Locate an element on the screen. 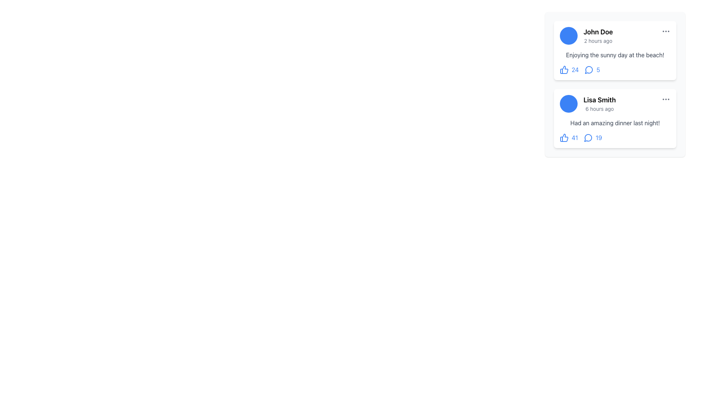 Image resolution: width=710 pixels, height=399 pixels. the three-dot icon (ellipsis) in the top-right corner of John Doe's post card to change its color is located at coordinates (666, 31).